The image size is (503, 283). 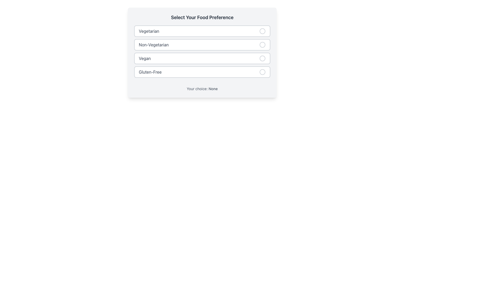 What do you see at coordinates (202, 86) in the screenshot?
I see `the text label that displays 'Your choice: None', which is styled with a smaller gray font and located below the 'Gluten-Free' option in the panel` at bounding box center [202, 86].